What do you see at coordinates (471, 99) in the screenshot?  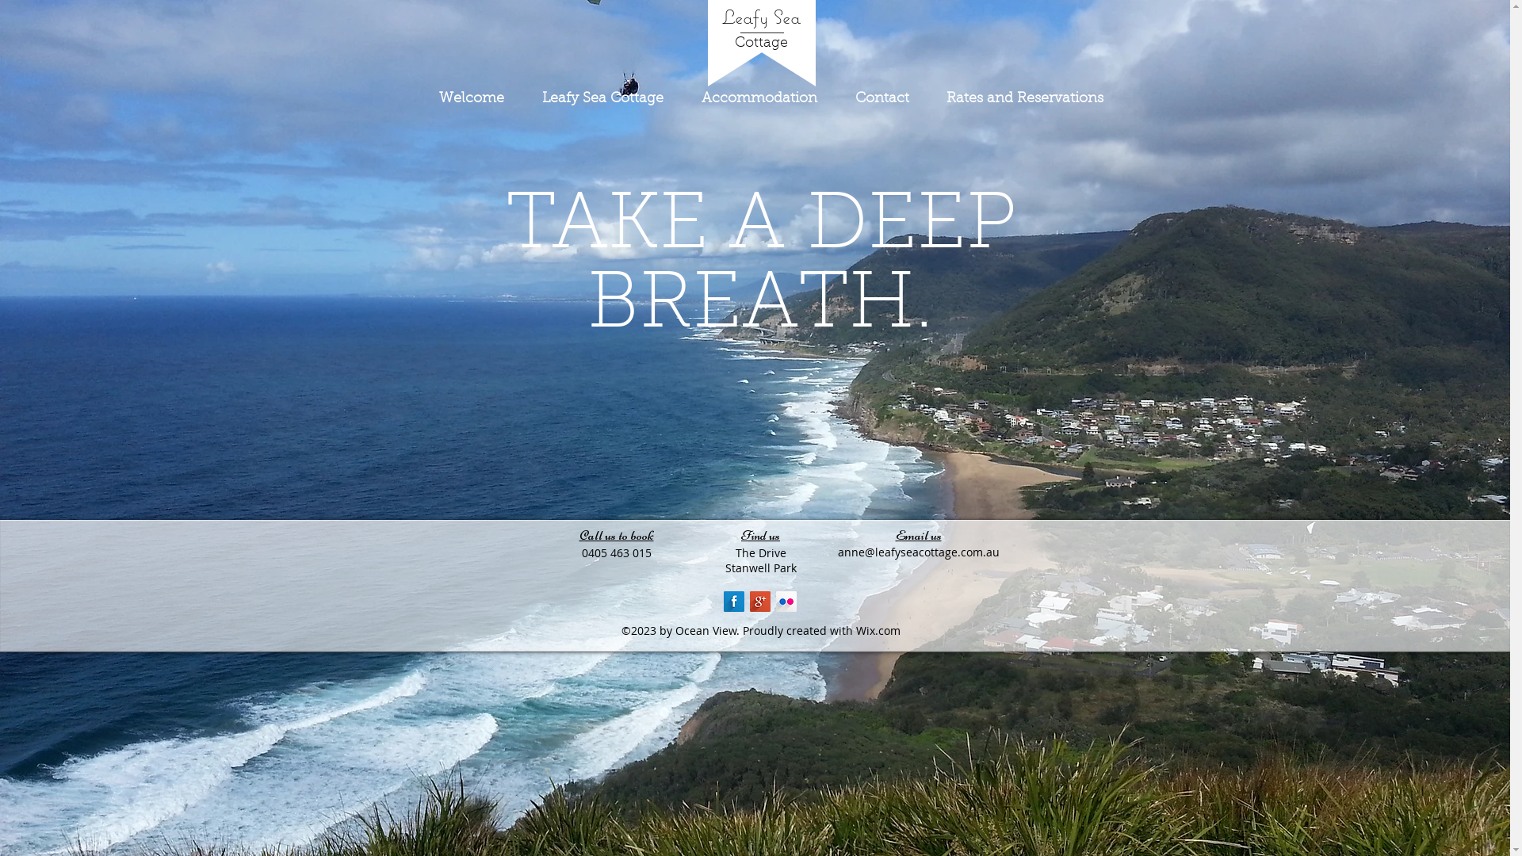 I see `'Welcome'` at bounding box center [471, 99].